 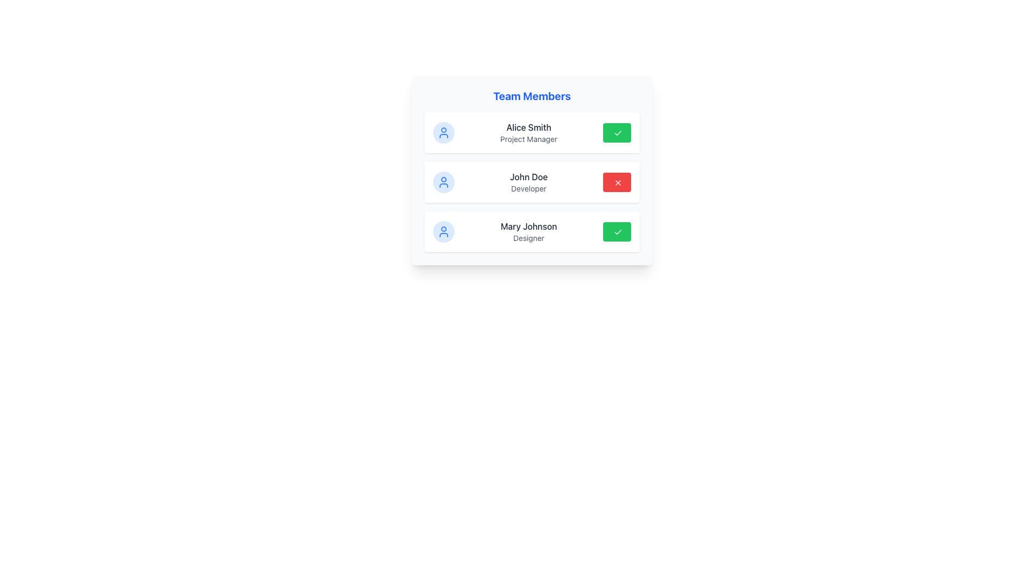 What do you see at coordinates (444, 182) in the screenshot?
I see `the user profile icon located in the second row of user data, next to 'John Doe' and 'Developer'` at bounding box center [444, 182].